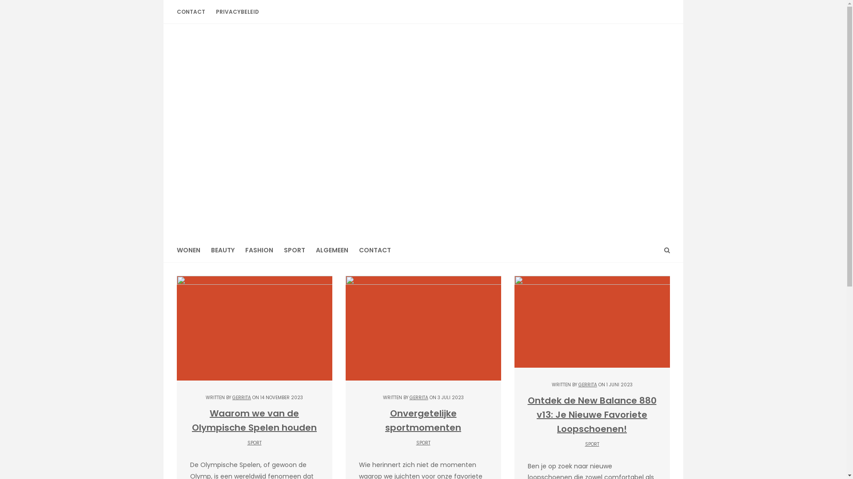 The height and width of the screenshot is (479, 853). What do you see at coordinates (254, 420) in the screenshot?
I see `'Waarom we van de Olympische Spelen houden'` at bounding box center [254, 420].